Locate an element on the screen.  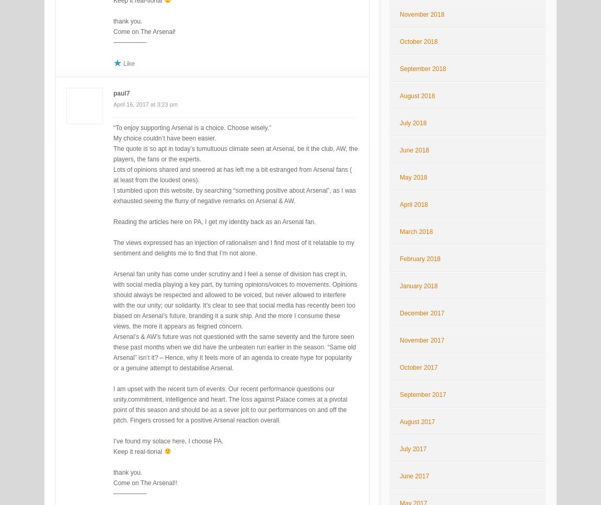
'July 2017' is located at coordinates (412, 448).